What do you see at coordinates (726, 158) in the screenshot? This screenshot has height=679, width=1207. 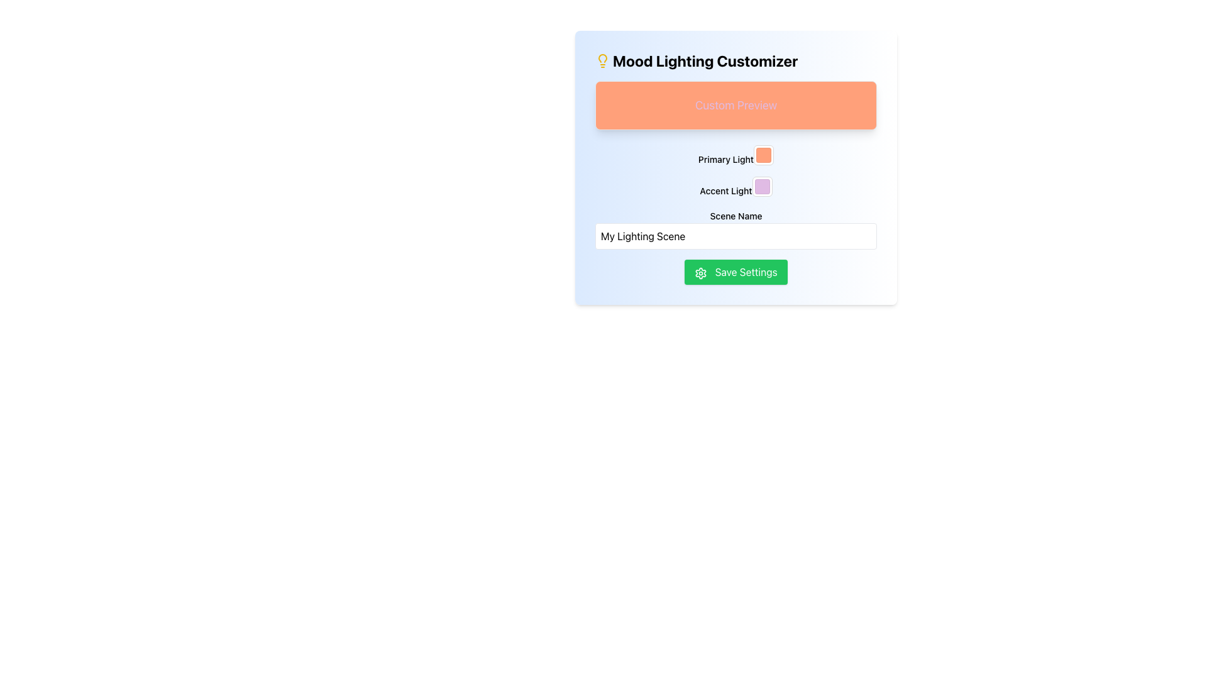 I see `the textual label 'Primary Light', which is styled in a small font size and medium weight, located centrally under the 'Custom Preview' header` at bounding box center [726, 158].